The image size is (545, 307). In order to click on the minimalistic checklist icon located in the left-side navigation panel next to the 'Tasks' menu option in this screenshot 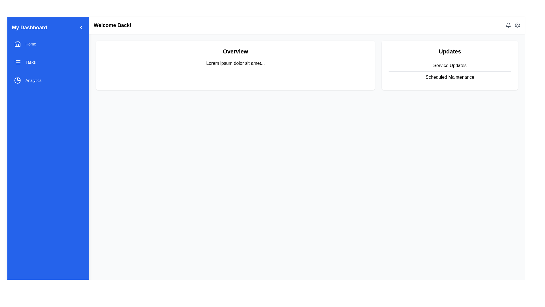, I will do `click(18, 62)`.